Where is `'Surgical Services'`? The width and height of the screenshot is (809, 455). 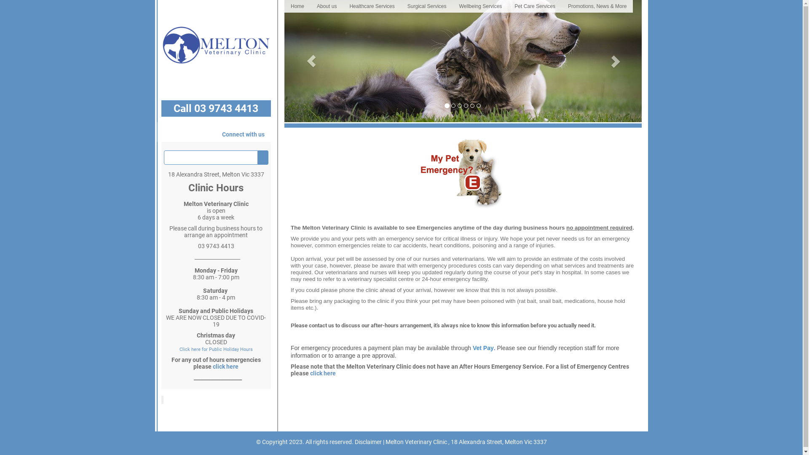
'Surgical Services' is located at coordinates (400, 6).